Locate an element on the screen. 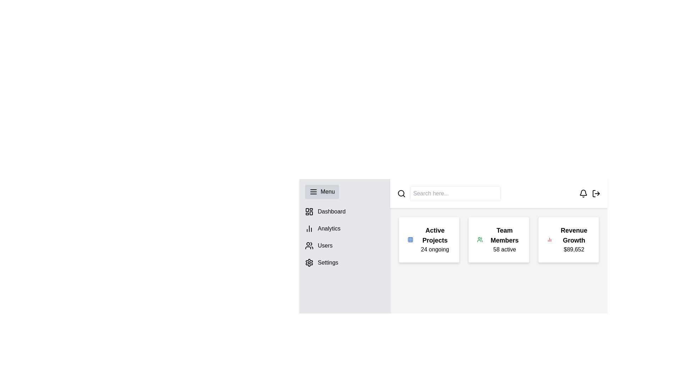  the 'Analytics' icon located is located at coordinates (309, 228).